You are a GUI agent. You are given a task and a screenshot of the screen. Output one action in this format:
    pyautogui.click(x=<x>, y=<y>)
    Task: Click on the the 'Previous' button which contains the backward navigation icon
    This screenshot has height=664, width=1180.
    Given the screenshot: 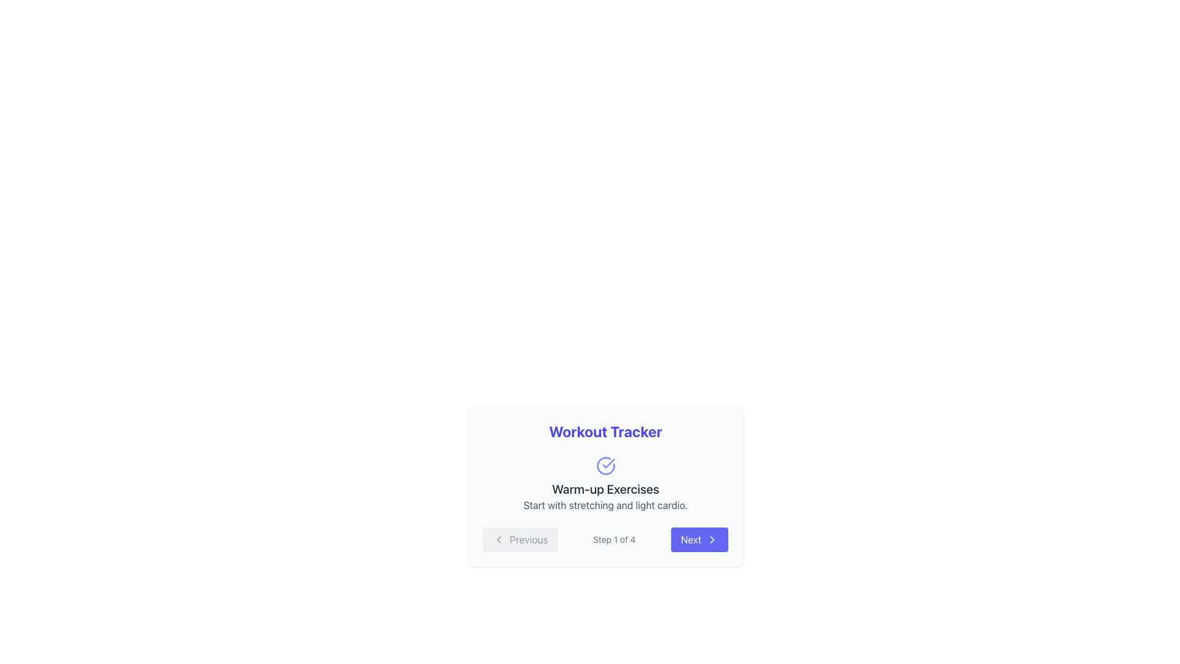 What is the action you would take?
    pyautogui.click(x=498, y=539)
    